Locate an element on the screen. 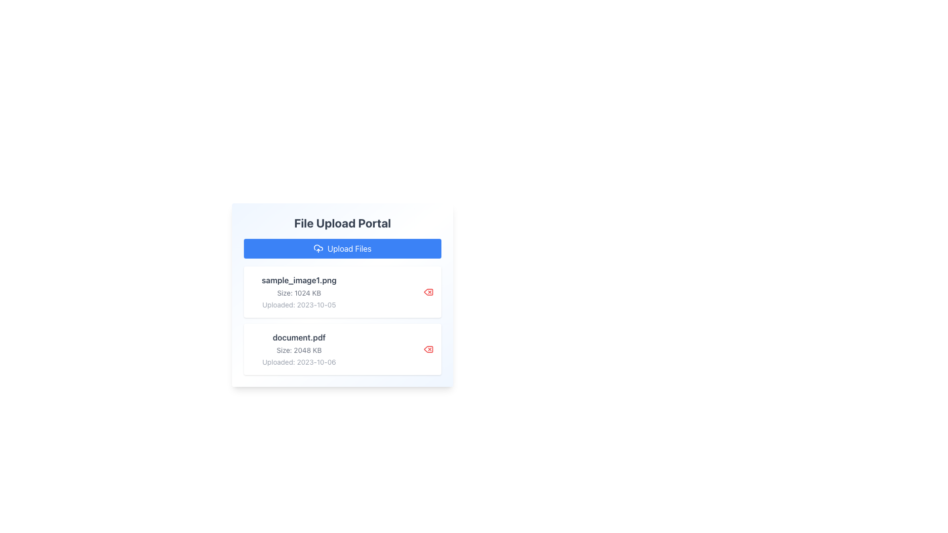  the 'delete' icon located at the far-right side of the embedded row for the file named 'document.pdf' is located at coordinates (429, 349).